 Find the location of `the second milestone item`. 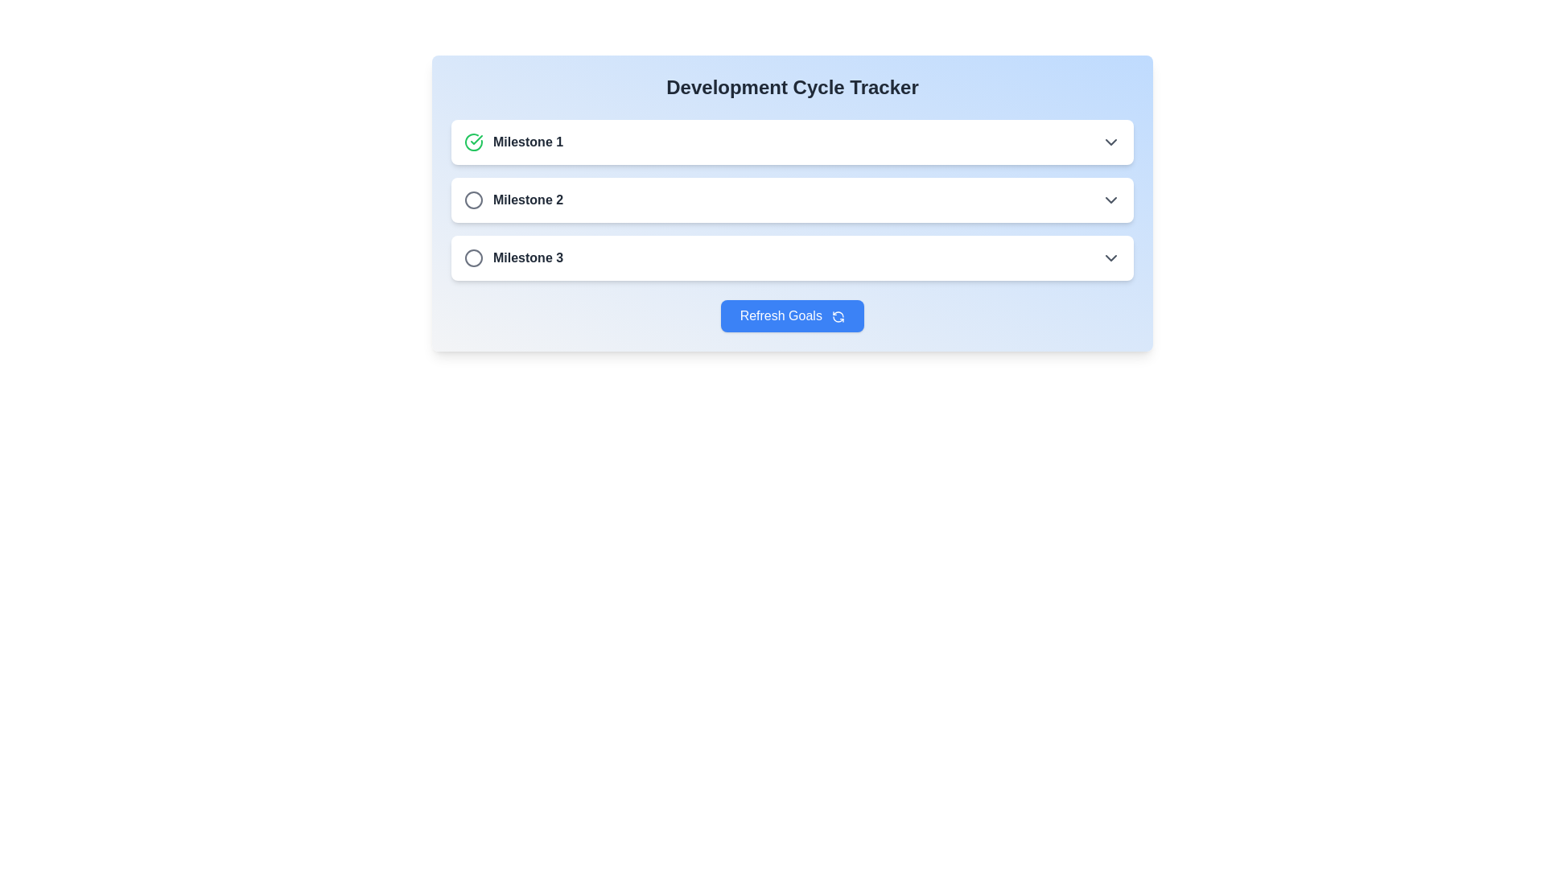

the second milestone item is located at coordinates (792, 200).